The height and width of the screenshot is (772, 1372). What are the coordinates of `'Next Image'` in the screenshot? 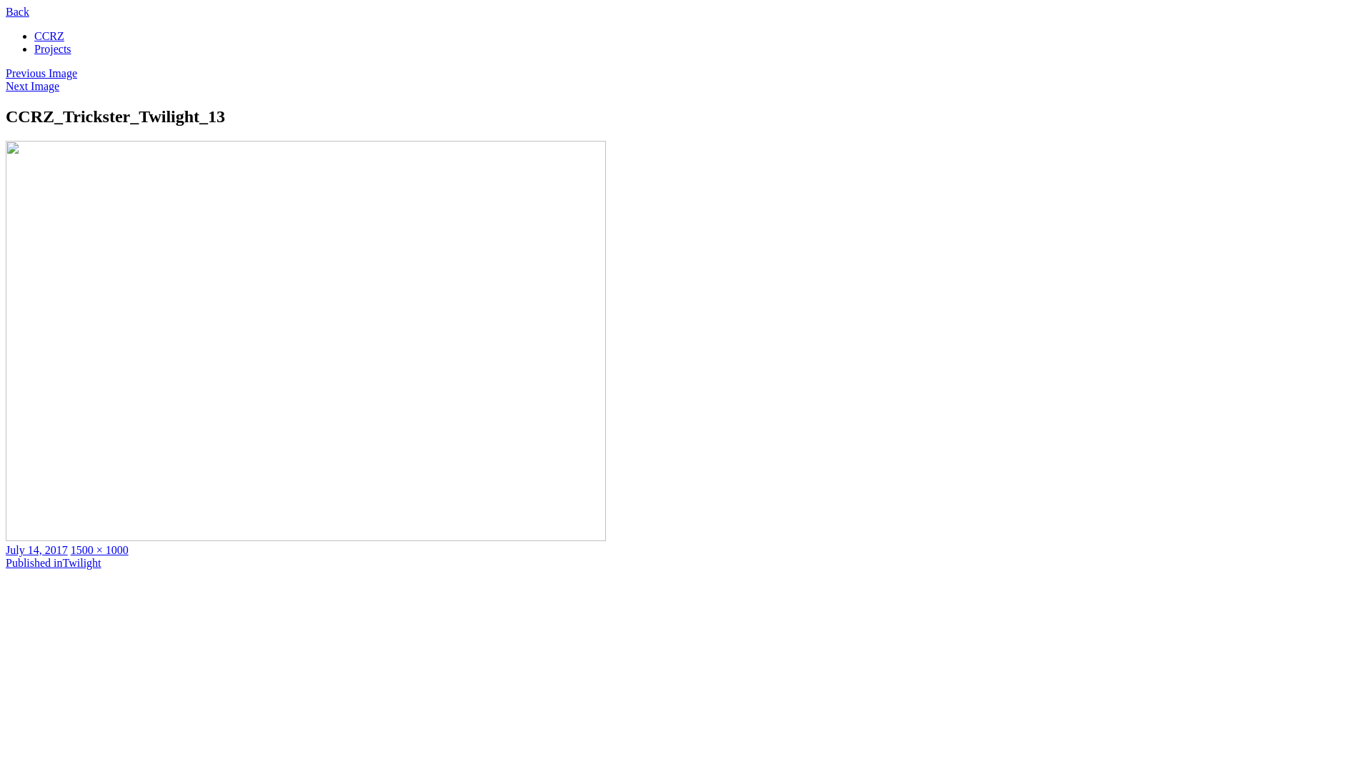 It's located at (32, 86).